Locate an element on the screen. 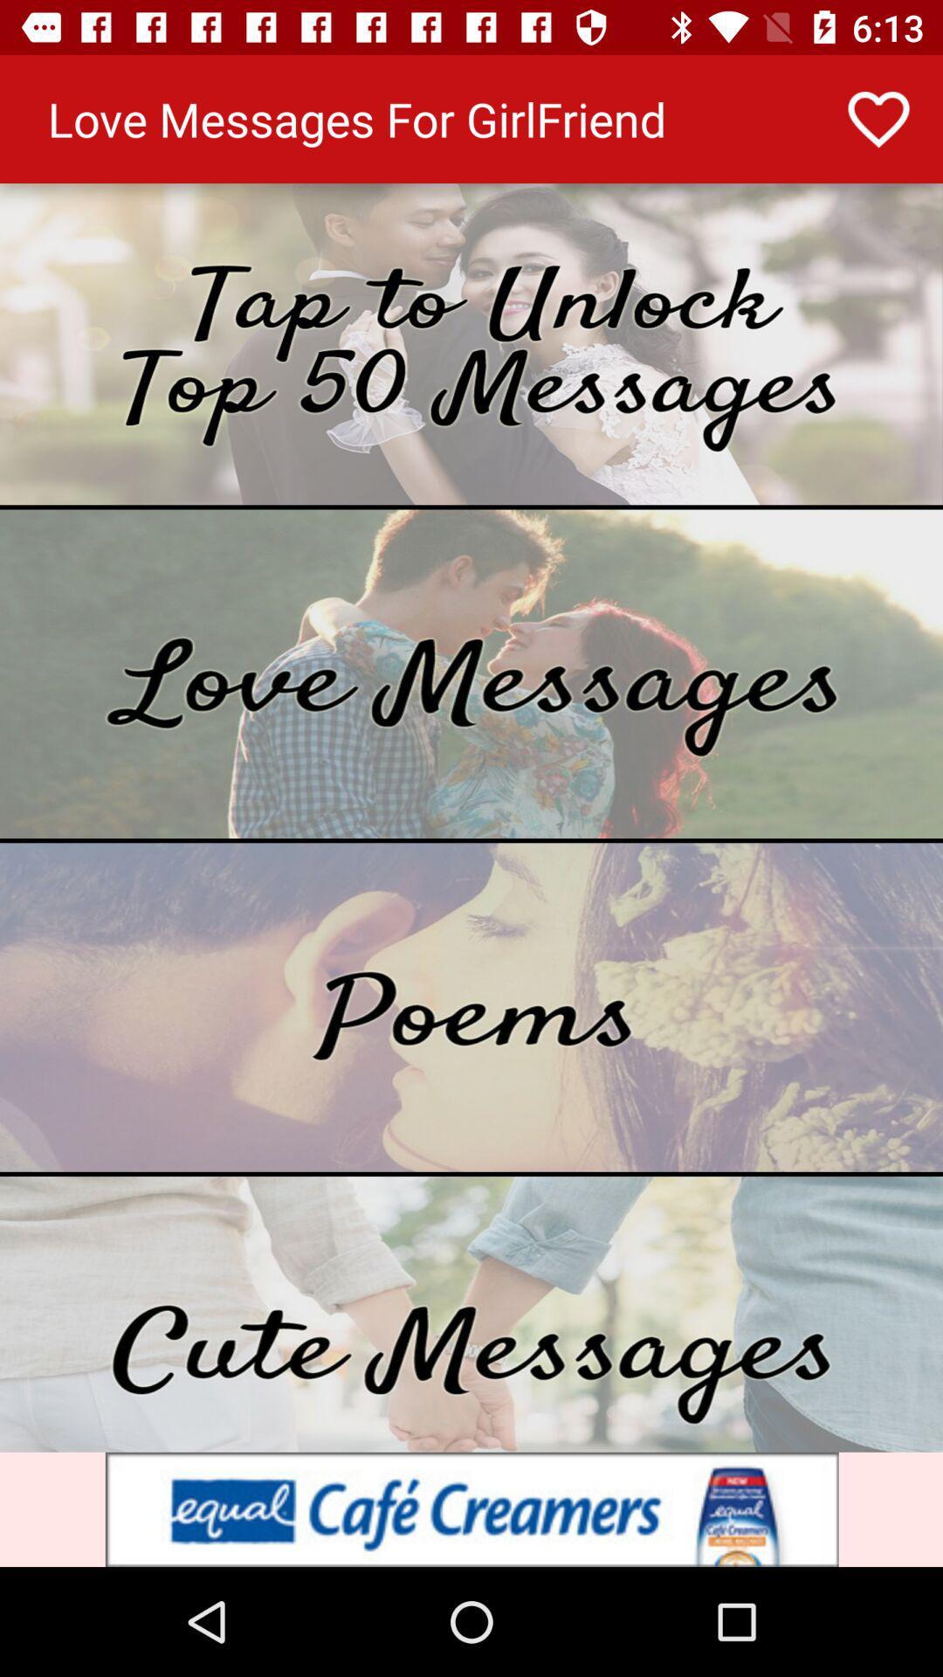 The image size is (943, 1677). poems is located at coordinates (471, 1007).